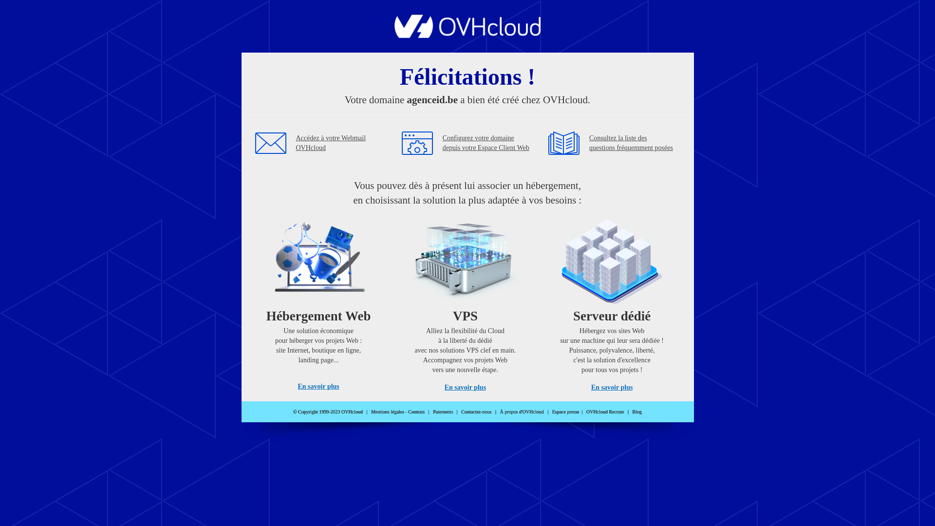 The width and height of the screenshot is (935, 526). What do you see at coordinates (394, 35) in the screenshot?
I see `'OVHcloud'` at bounding box center [394, 35].